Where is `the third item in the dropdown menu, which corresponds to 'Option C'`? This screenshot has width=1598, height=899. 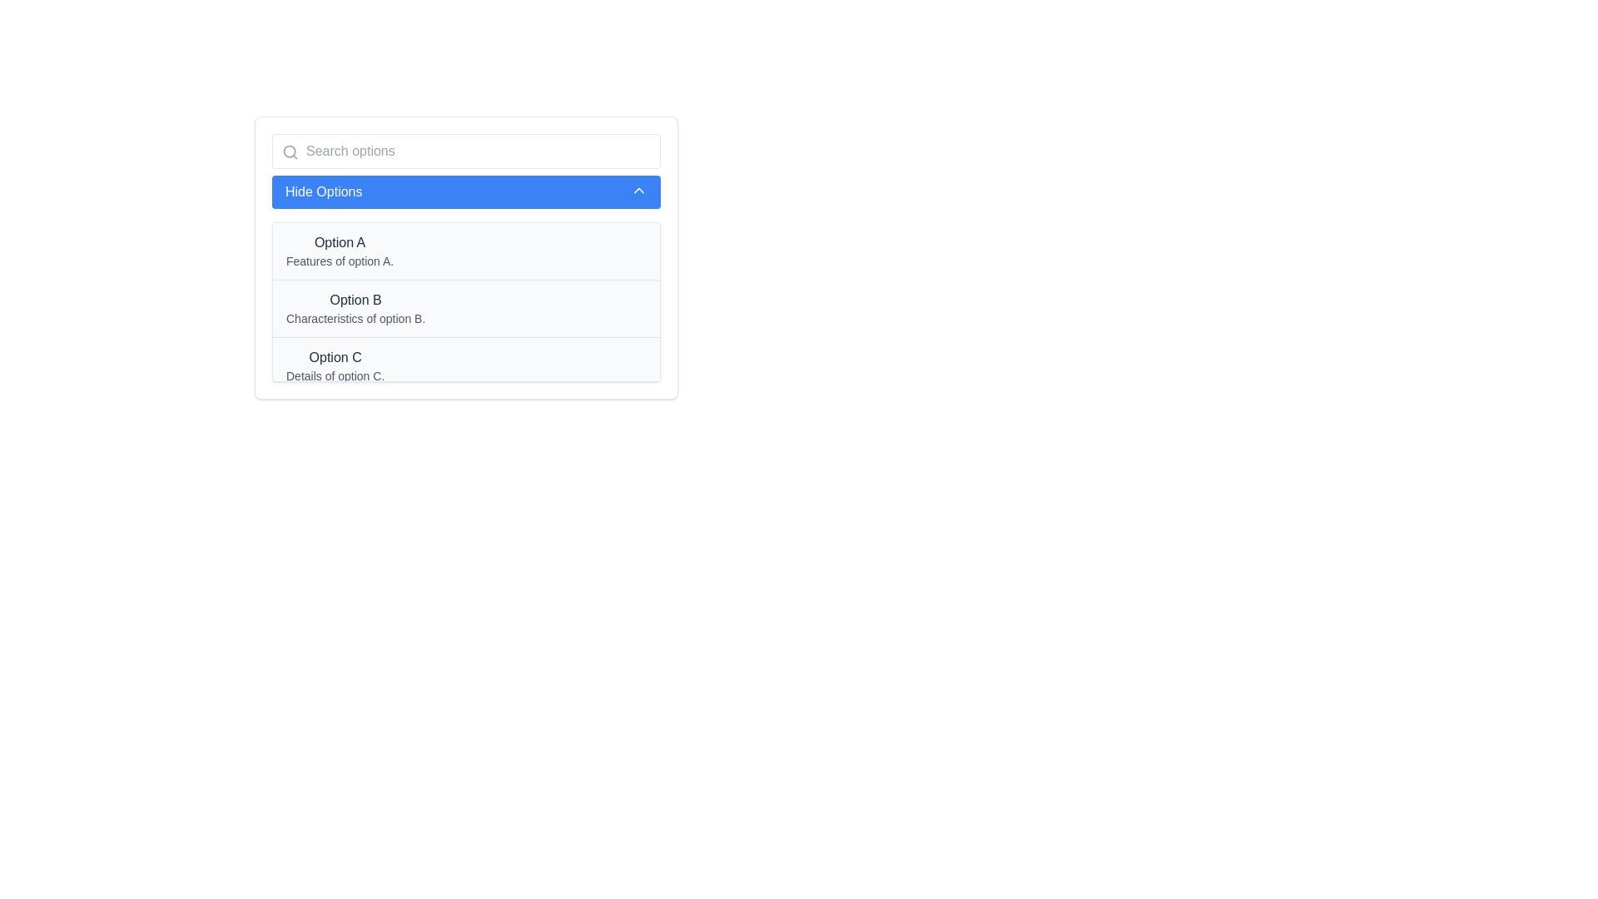
the third item in the dropdown menu, which corresponds to 'Option C' is located at coordinates (466, 365).